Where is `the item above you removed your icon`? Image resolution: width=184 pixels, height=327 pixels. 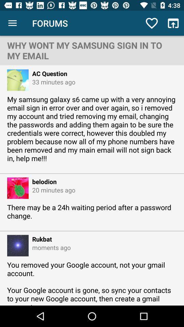 the item above you removed your icon is located at coordinates (49, 247).